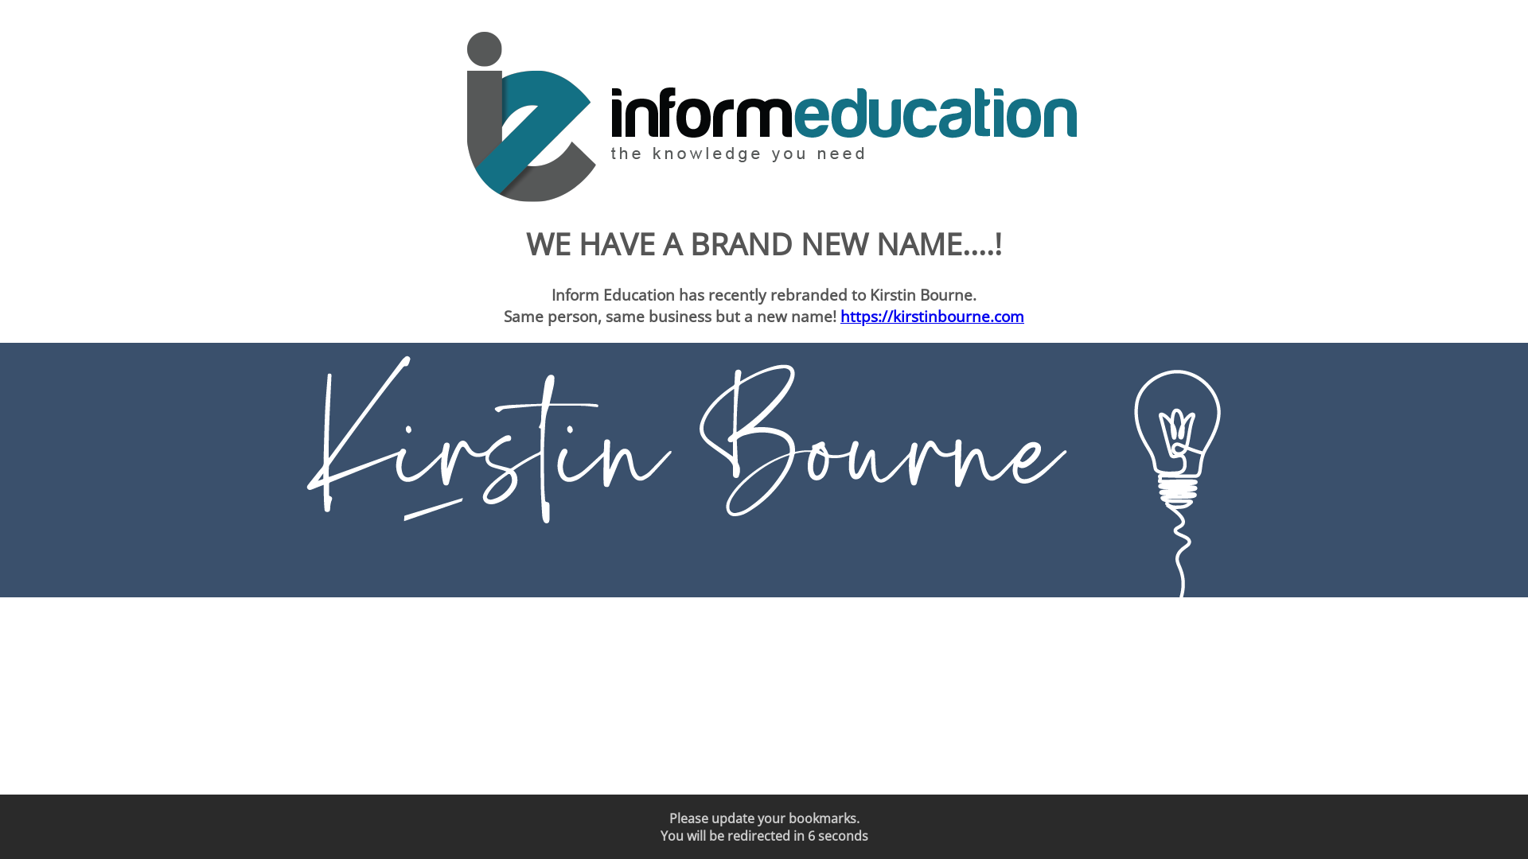 This screenshot has width=1528, height=859. Describe the element at coordinates (932, 316) in the screenshot. I see `'https://kirstinbourne.com'` at that location.